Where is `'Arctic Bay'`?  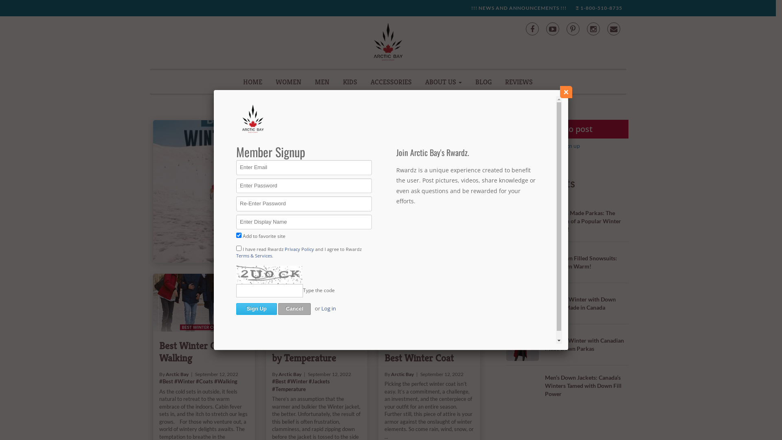 'Arctic Bay' is located at coordinates (402, 374).